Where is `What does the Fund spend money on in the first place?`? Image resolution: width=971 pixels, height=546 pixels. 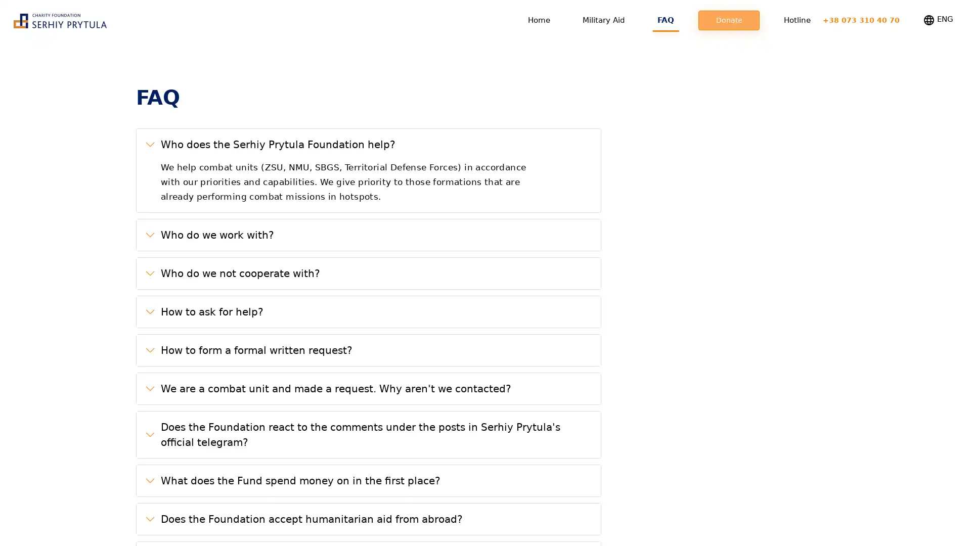
What does the Fund spend money on in the first place? is located at coordinates (368, 480).